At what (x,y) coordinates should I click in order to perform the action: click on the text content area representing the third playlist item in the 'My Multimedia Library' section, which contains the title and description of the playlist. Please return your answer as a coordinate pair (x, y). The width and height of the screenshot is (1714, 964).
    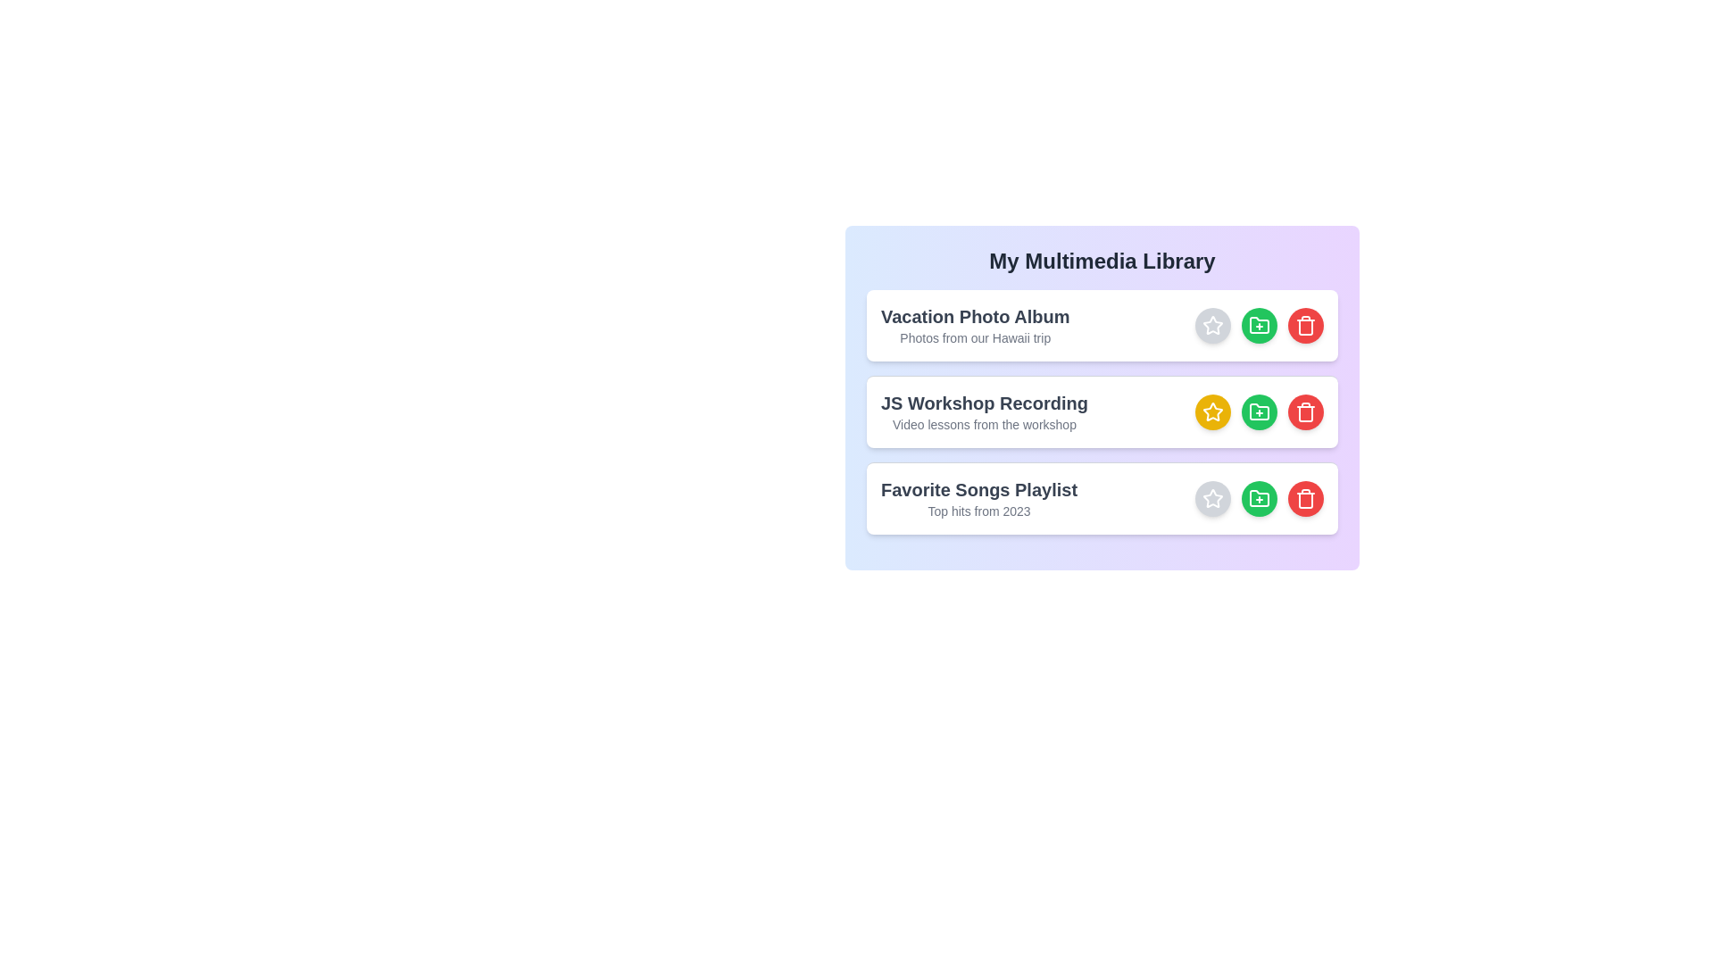
    Looking at the image, I should click on (978, 499).